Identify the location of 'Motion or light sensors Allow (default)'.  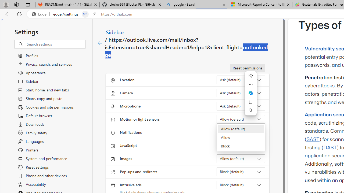
(241, 119).